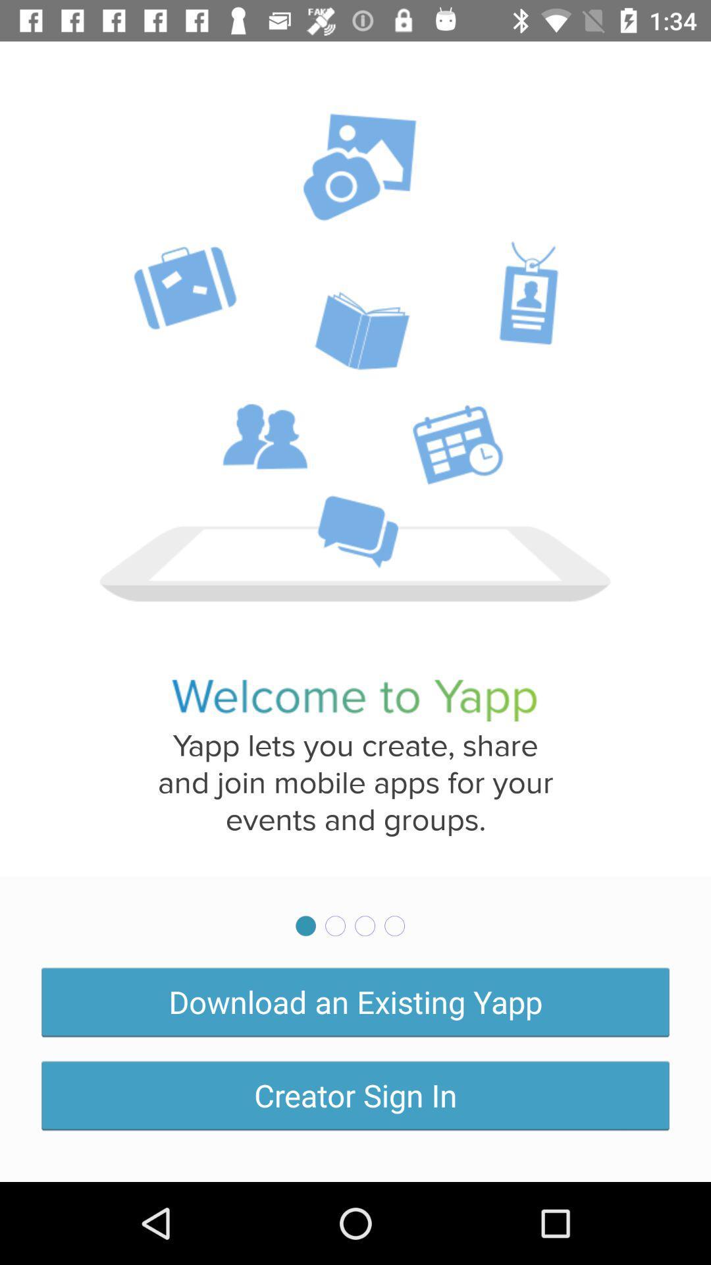 This screenshot has width=711, height=1265. What do you see at coordinates (355, 1001) in the screenshot?
I see `download an existing item` at bounding box center [355, 1001].